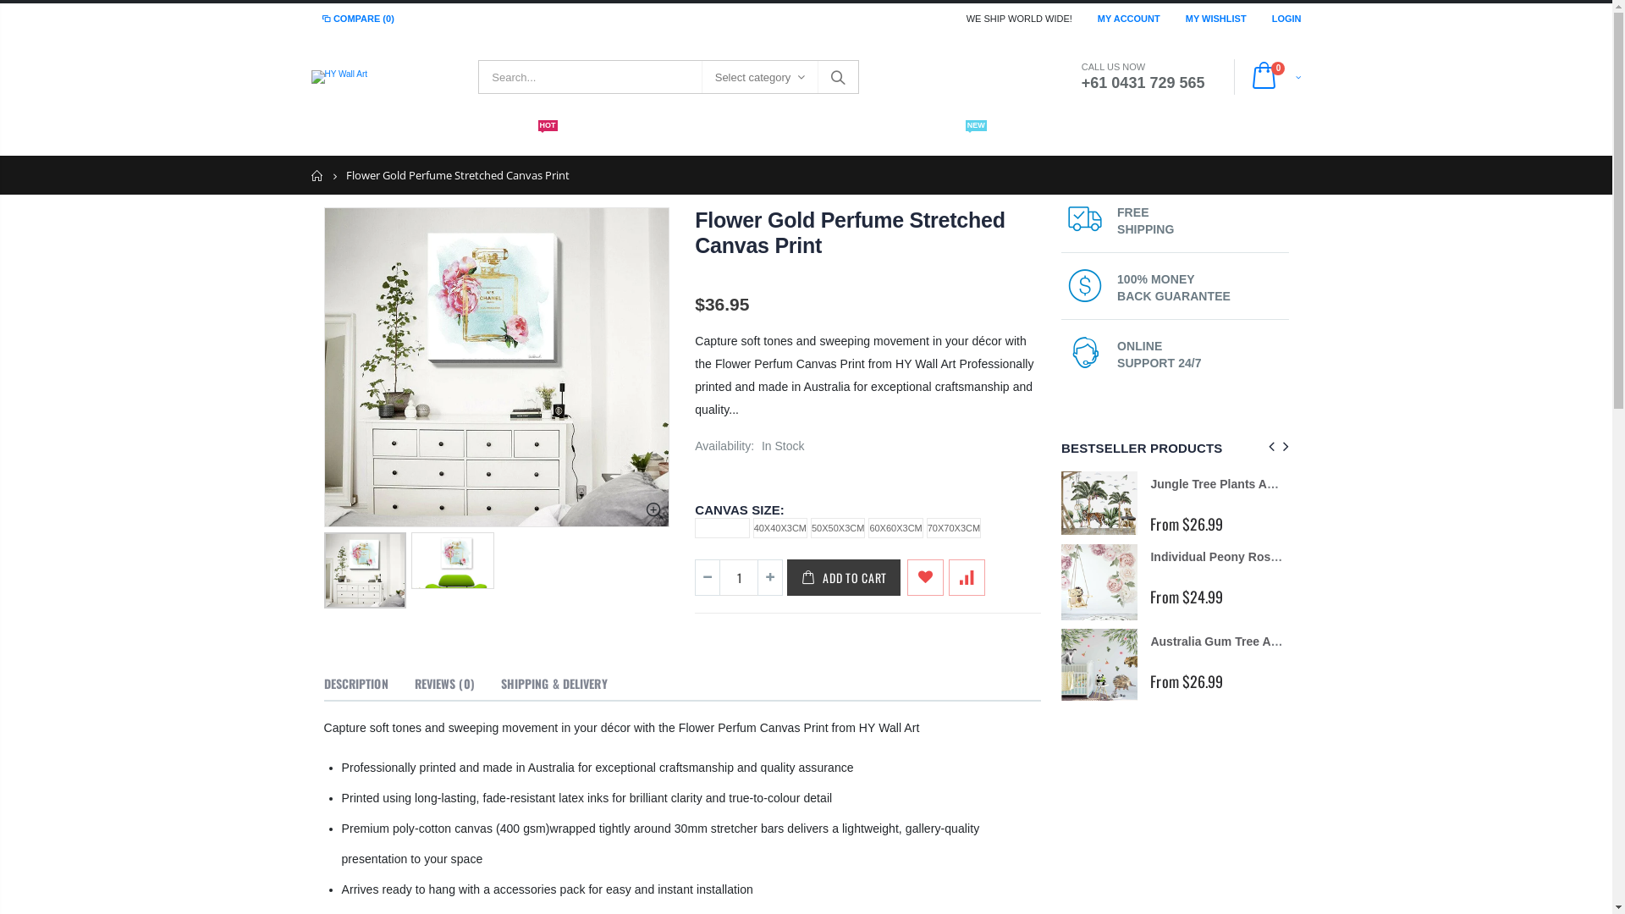  I want to click on 'CONTACT US', so click(1047, 136).